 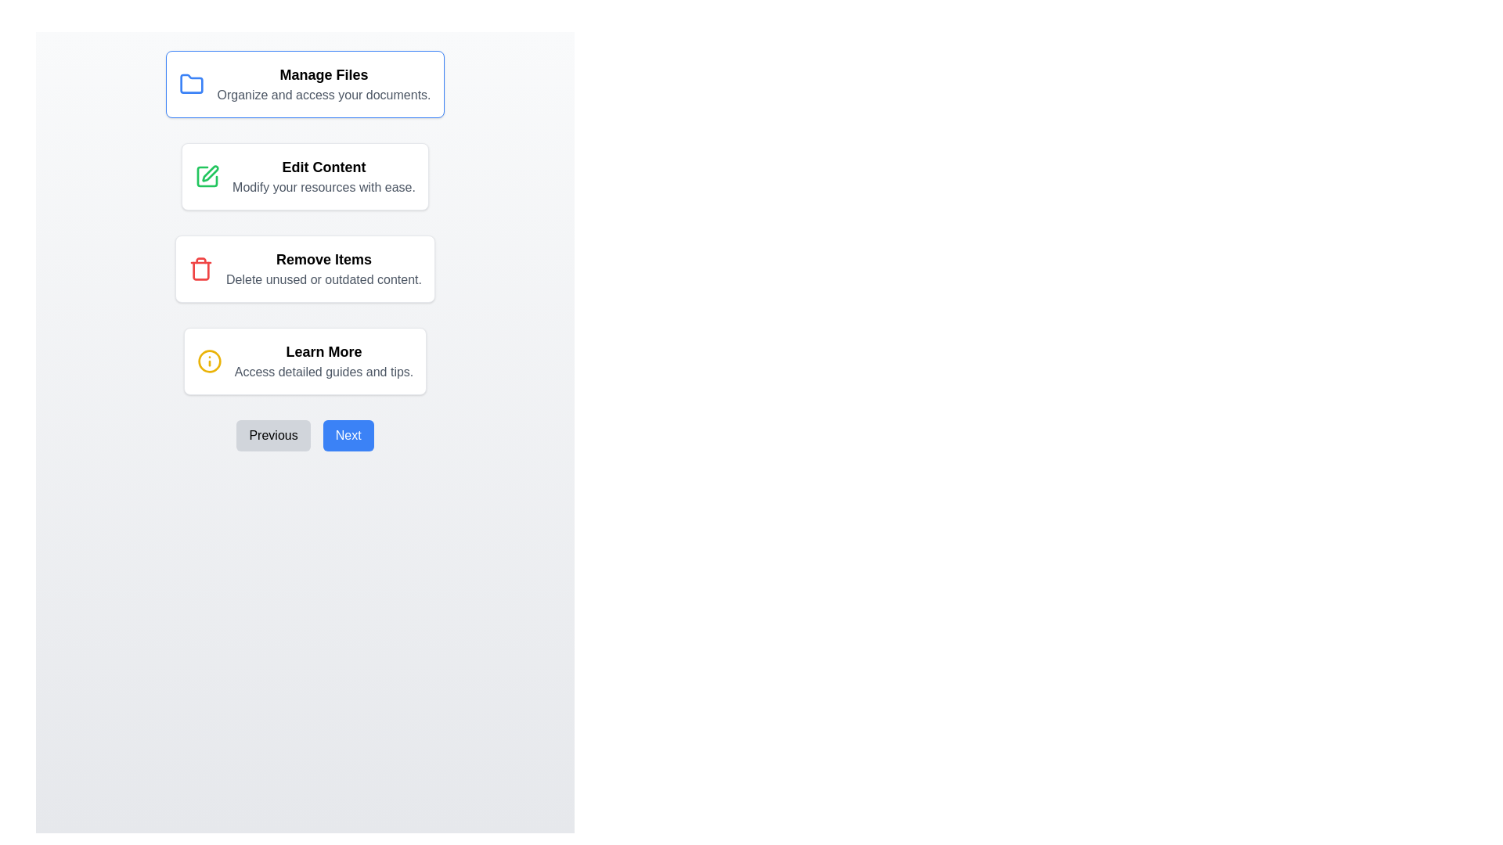 I want to click on the Informational Card, which is the first clickable section header in a vertical list, designed for managing or organizing files, so click(x=305, y=84).